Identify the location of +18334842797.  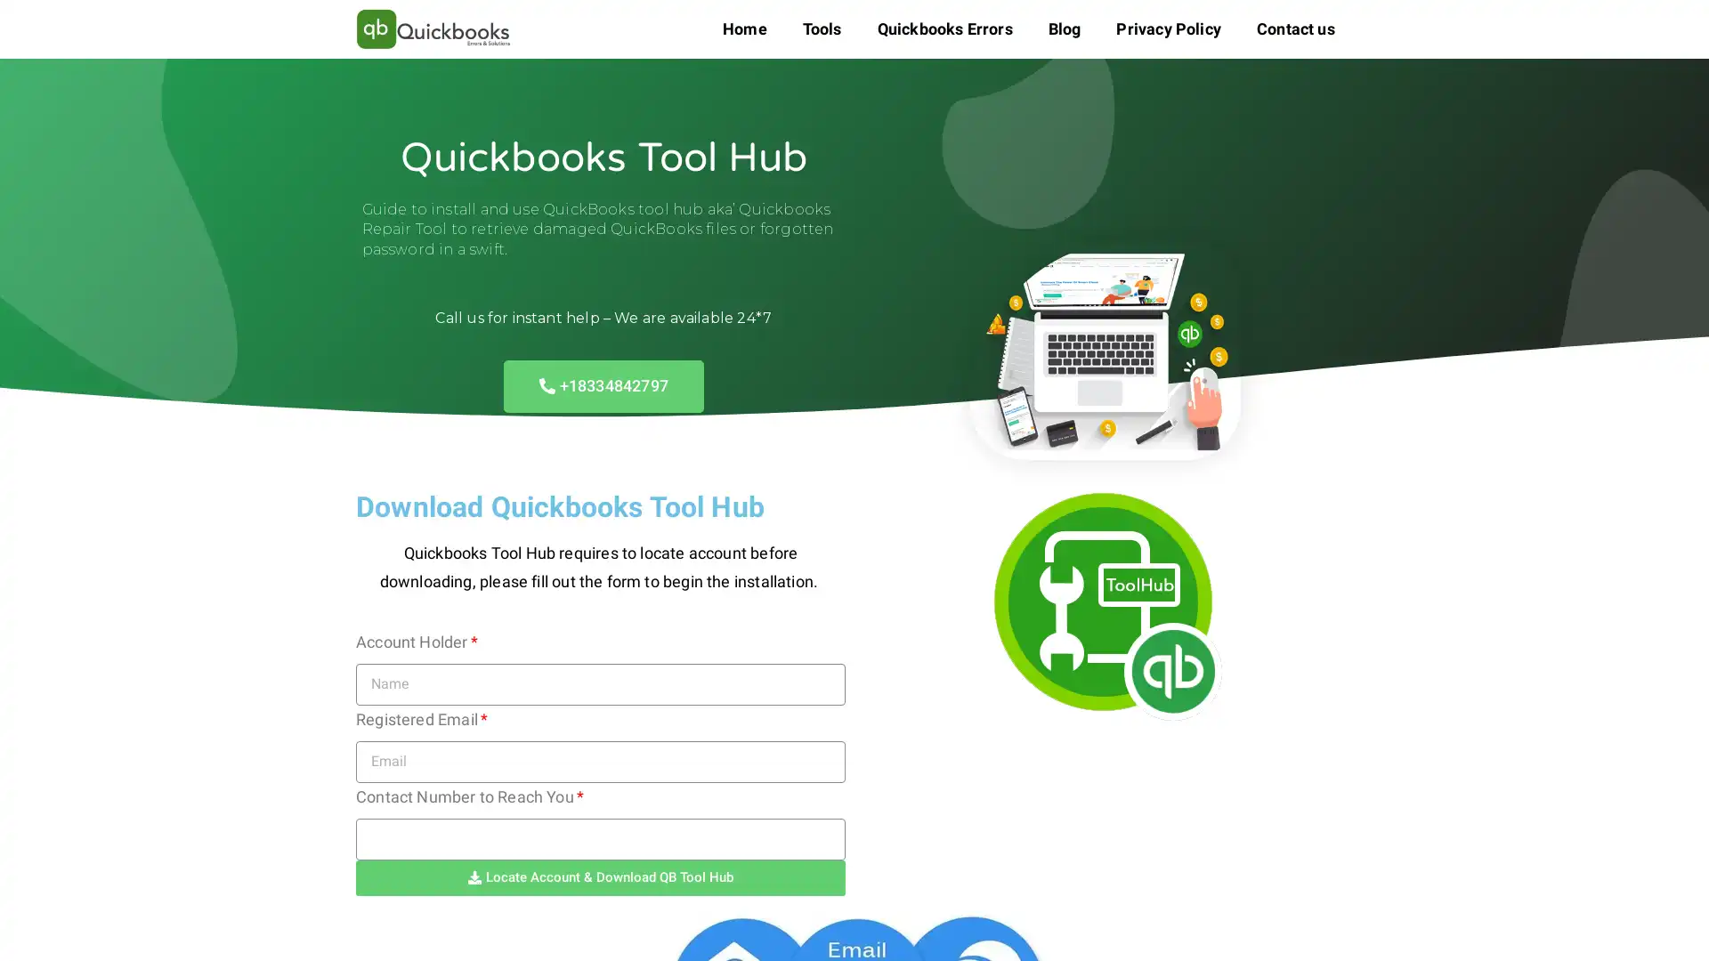
(603, 384).